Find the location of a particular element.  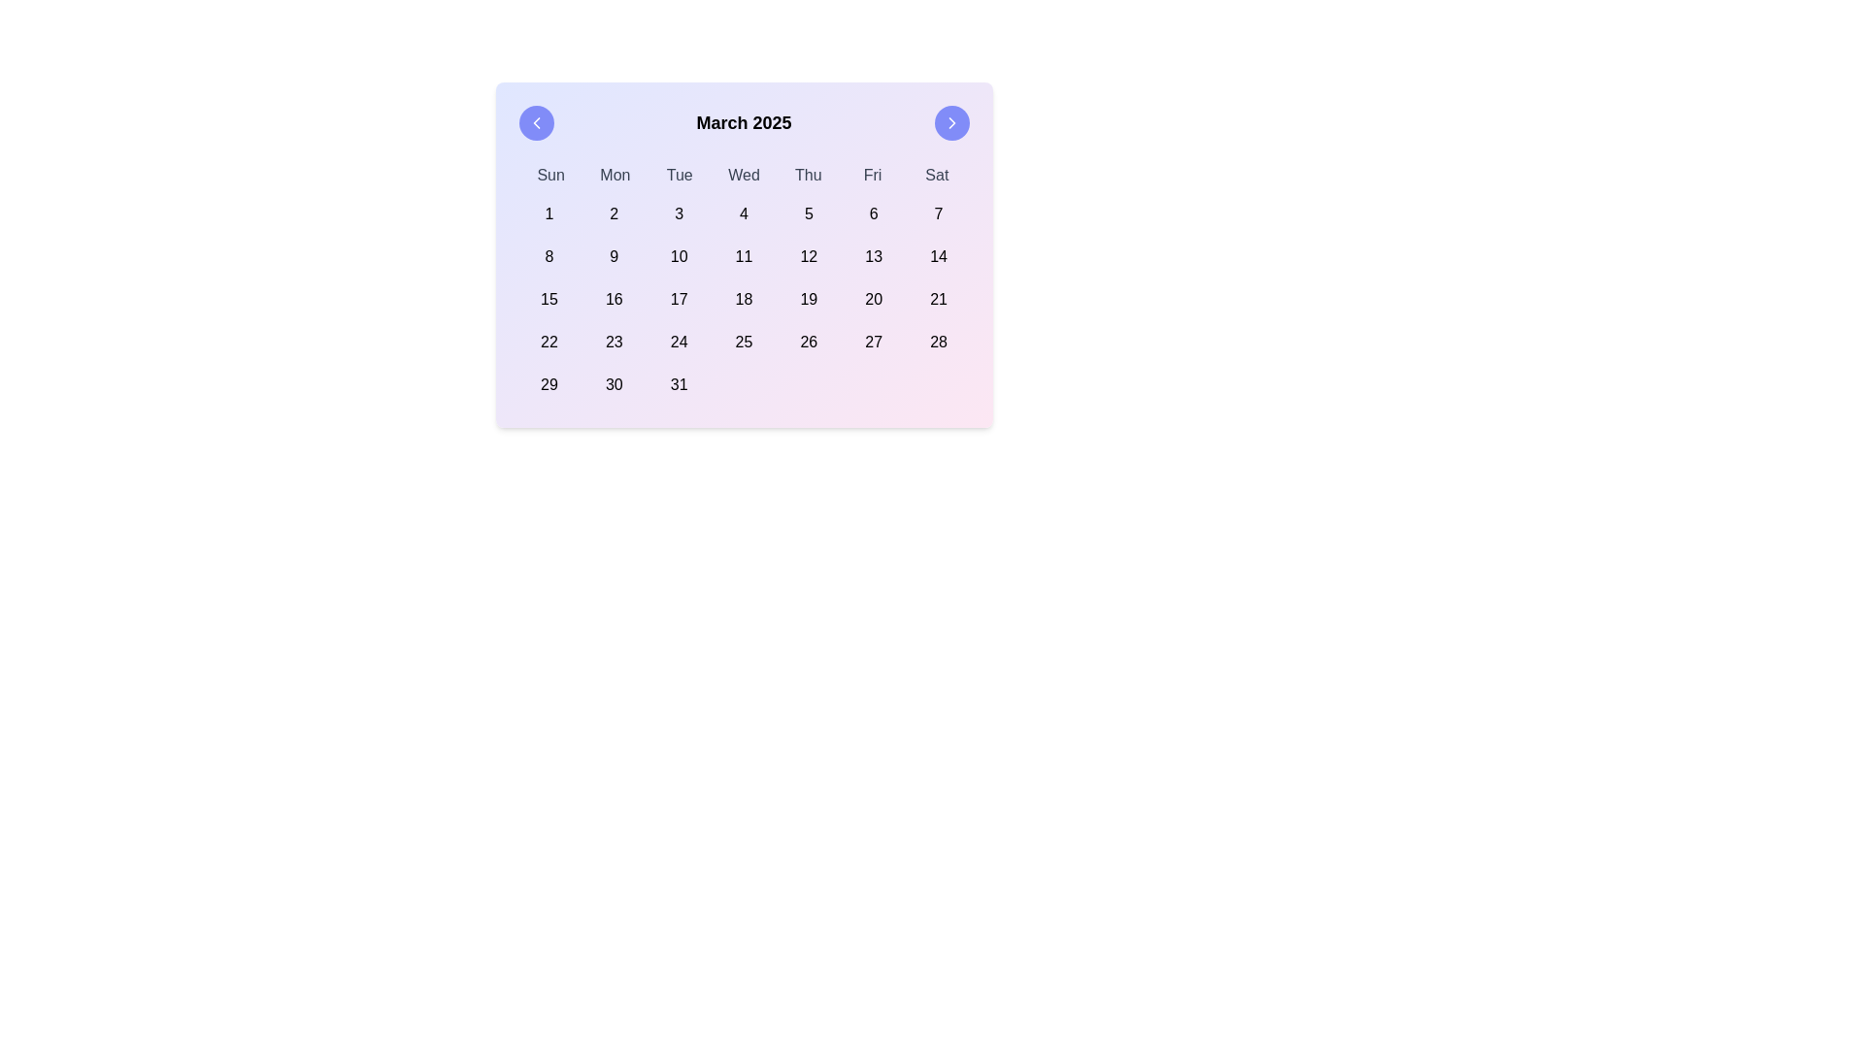

the label indicating 'Sat', which is the seventh item in the row of day headers in the calendar layout is located at coordinates (937, 176).